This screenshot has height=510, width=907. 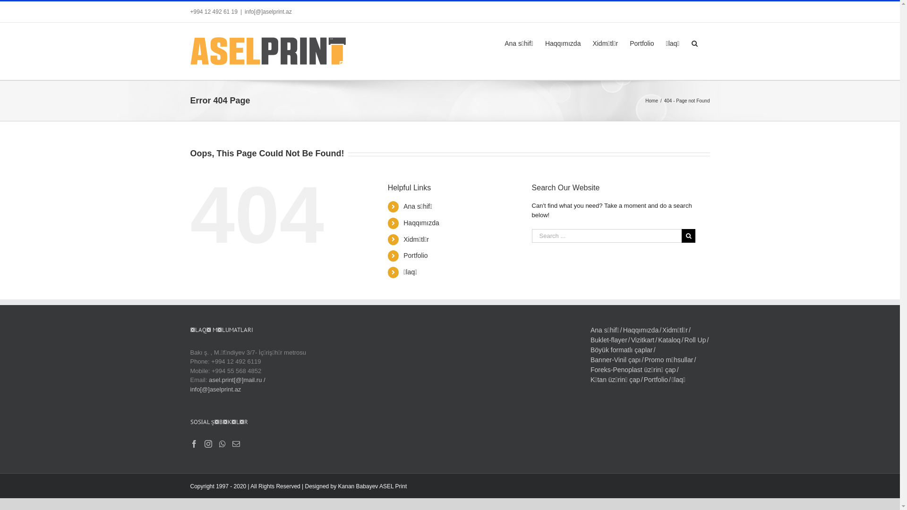 I want to click on 'asel.print[@]mail.ru / info[@]aselprint.az', so click(x=227, y=384).